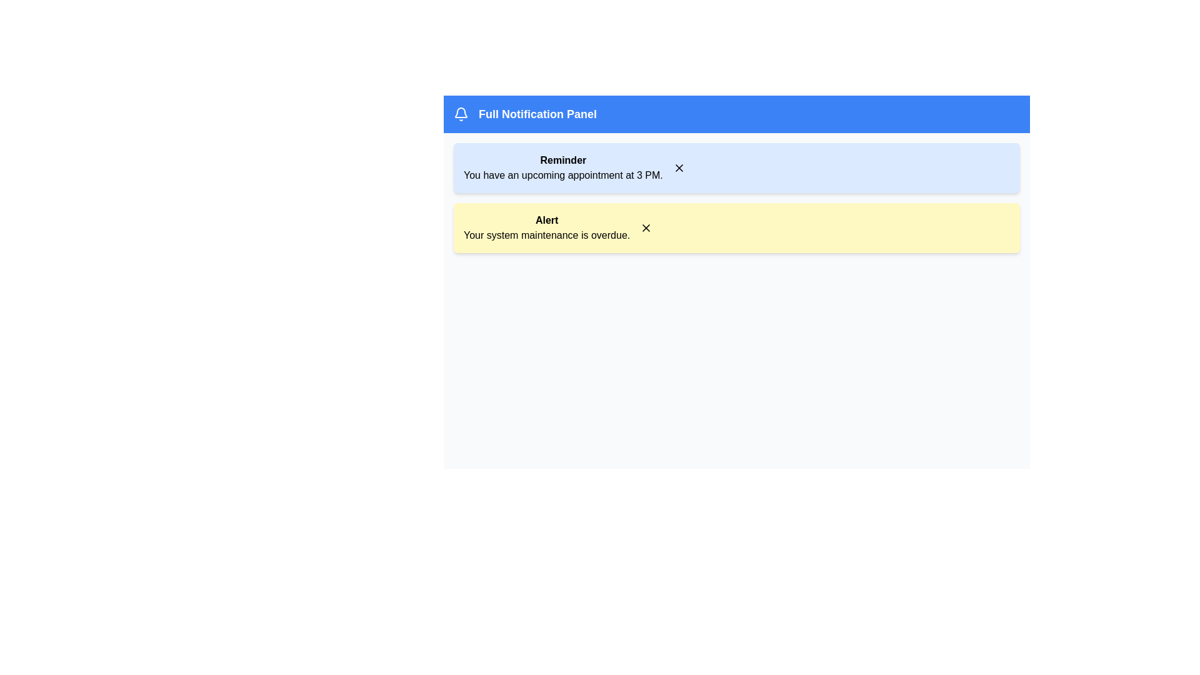 This screenshot has width=1200, height=675. I want to click on the SVG-based close icon, which is a minimalistic 'X' located at the top-right corner of the notification box labeled 'Alert', so click(646, 228).